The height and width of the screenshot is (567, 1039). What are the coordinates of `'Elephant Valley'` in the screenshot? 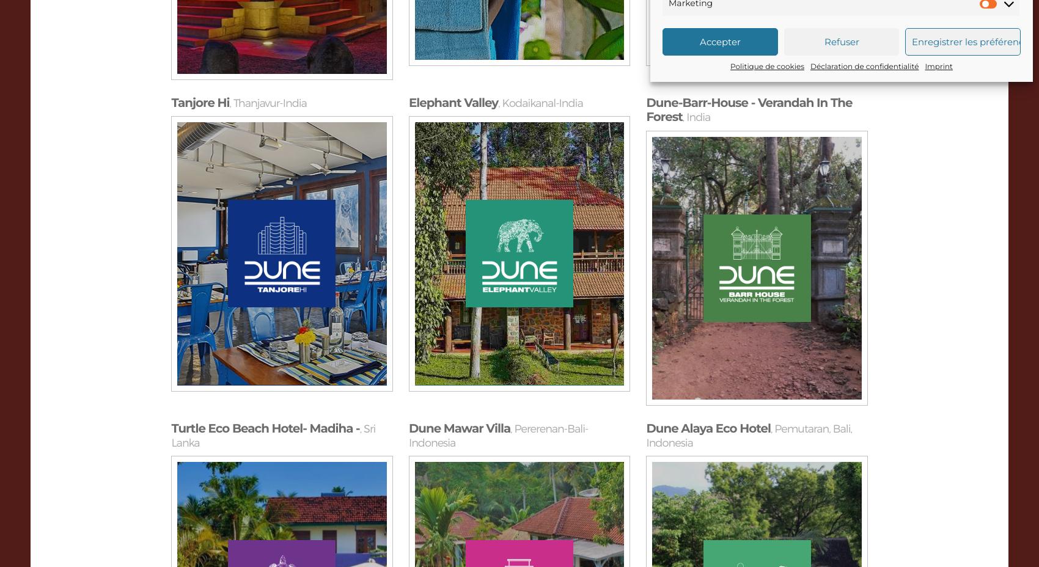 It's located at (453, 102).